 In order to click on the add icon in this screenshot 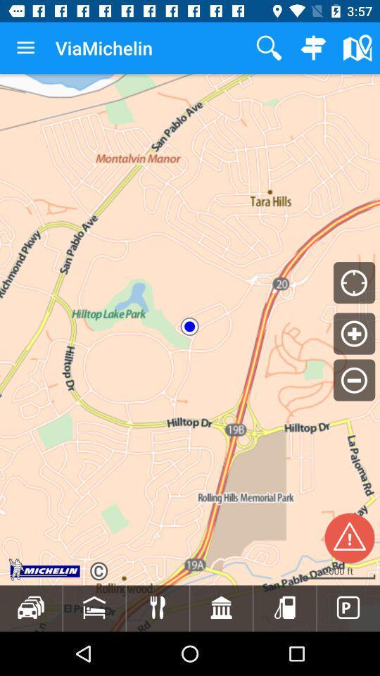, I will do `click(353, 333)`.